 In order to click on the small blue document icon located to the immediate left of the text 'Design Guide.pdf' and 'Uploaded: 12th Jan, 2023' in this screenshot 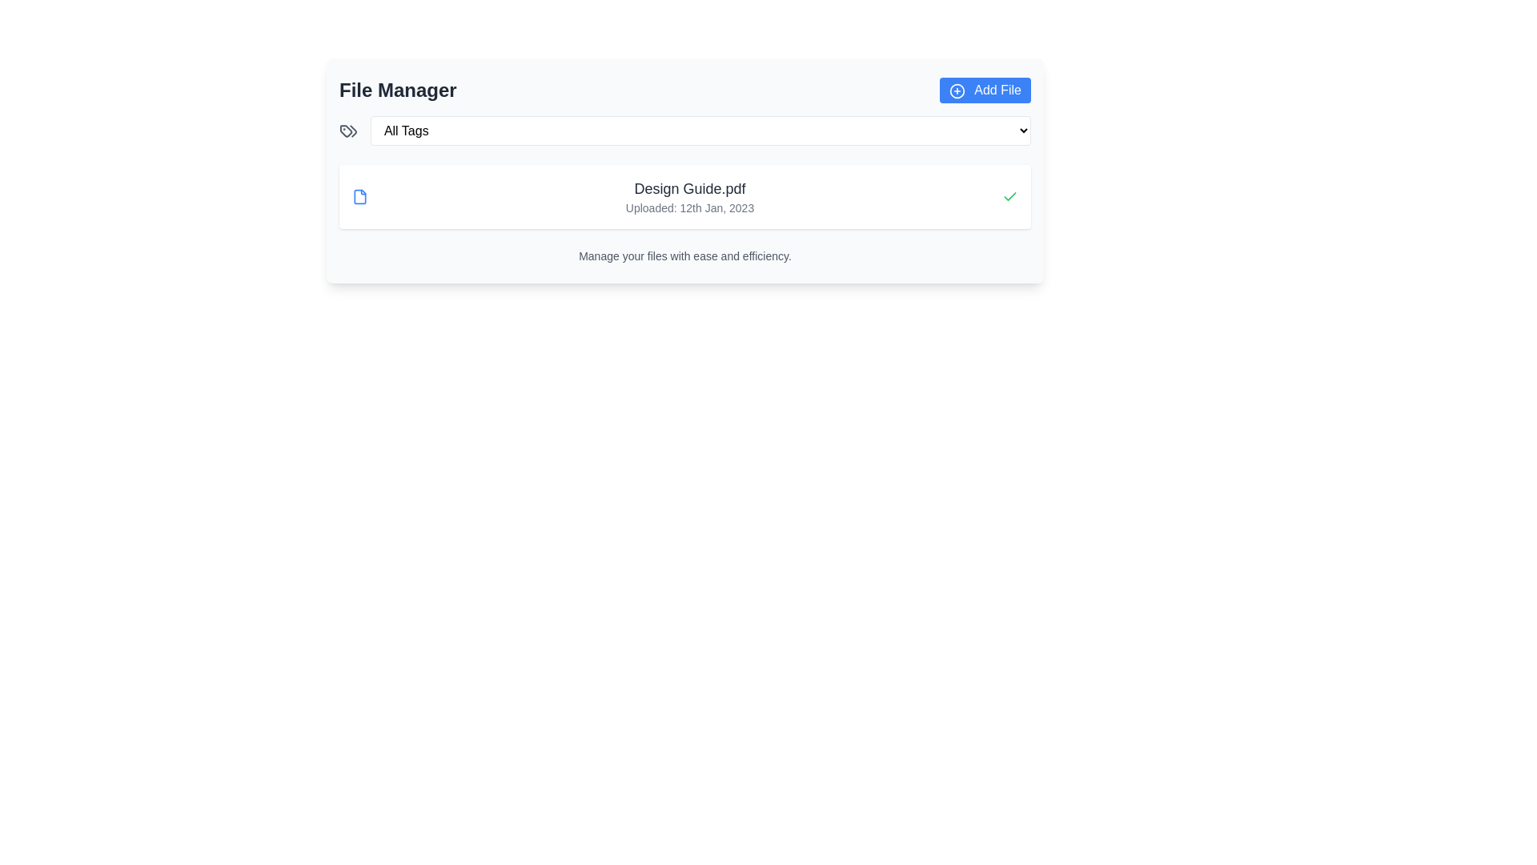, I will do `click(359, 196)`.